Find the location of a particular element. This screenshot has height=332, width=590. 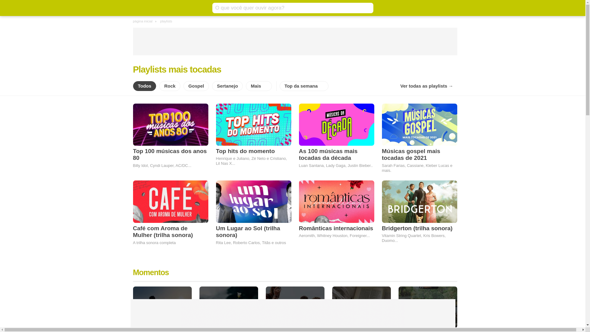

'Gospel' is located at coordinates (196, 86).